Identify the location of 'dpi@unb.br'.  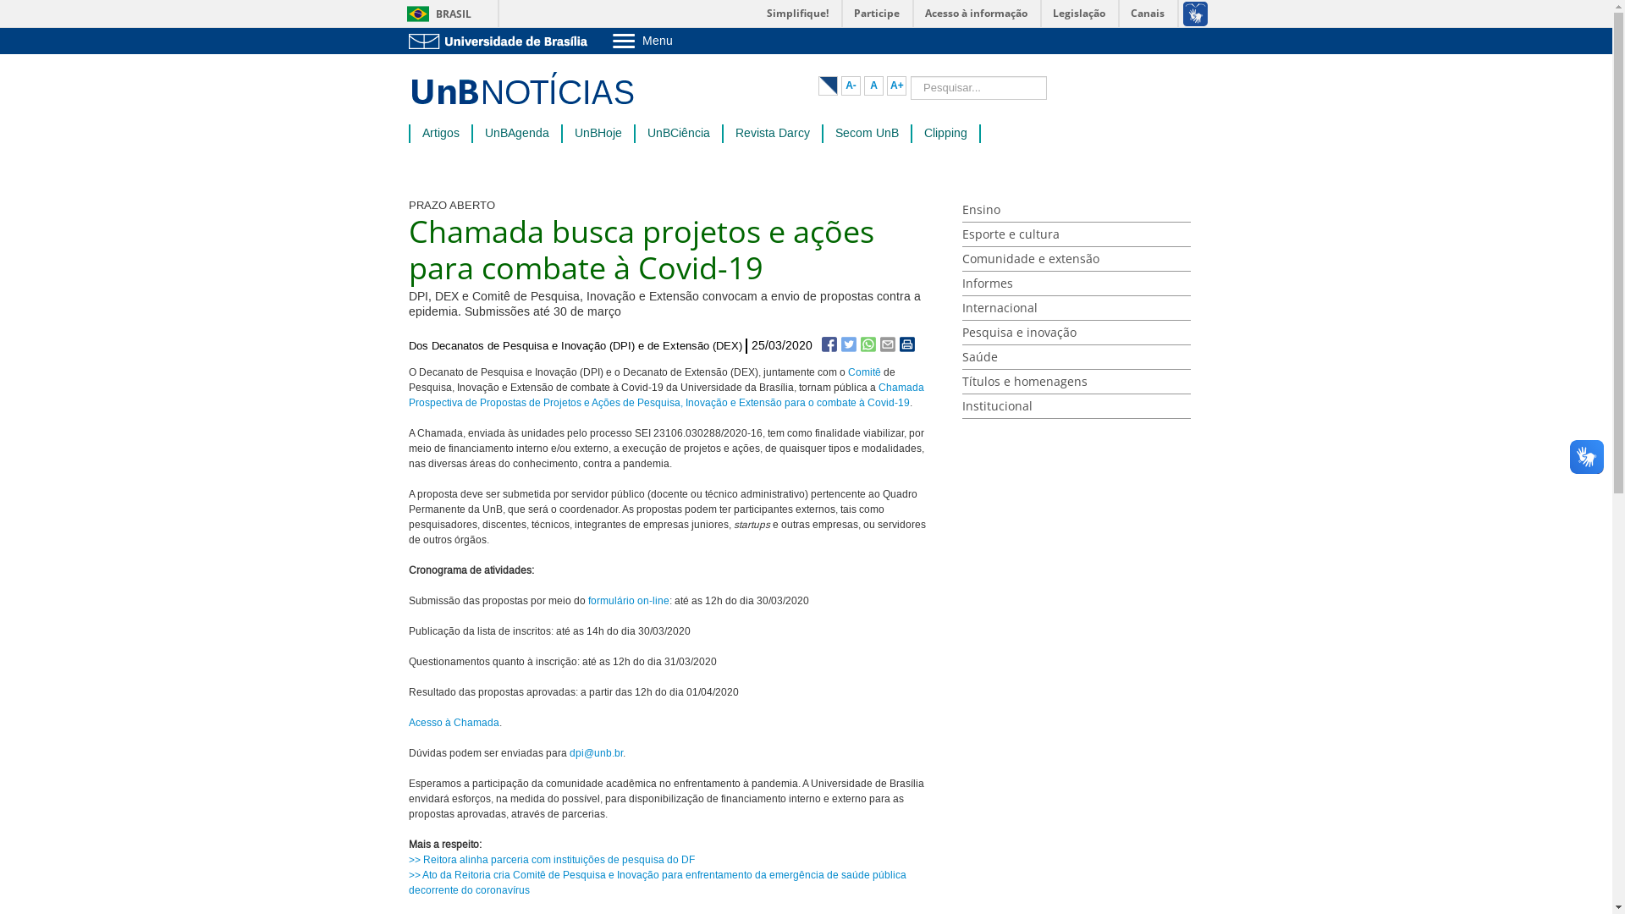
(595, 752).